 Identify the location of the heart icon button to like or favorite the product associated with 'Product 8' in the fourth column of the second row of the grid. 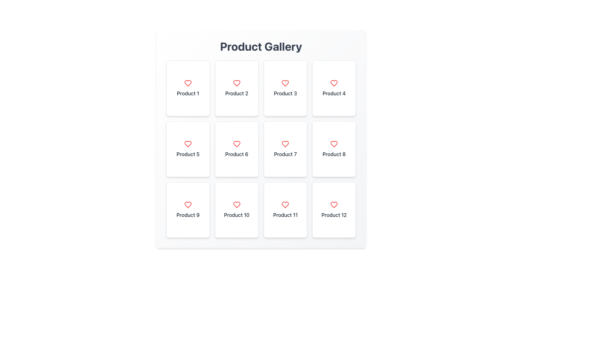
(334, 144).